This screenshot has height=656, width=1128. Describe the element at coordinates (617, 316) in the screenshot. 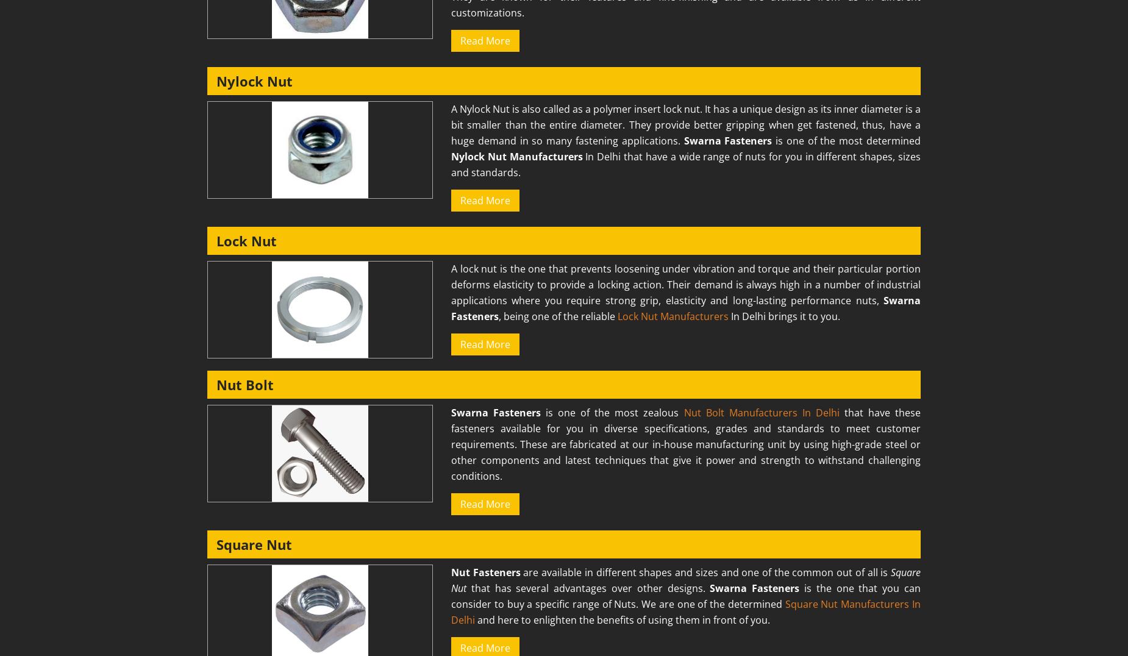

I see `'Lock Nut Manufacturers'` at that location.